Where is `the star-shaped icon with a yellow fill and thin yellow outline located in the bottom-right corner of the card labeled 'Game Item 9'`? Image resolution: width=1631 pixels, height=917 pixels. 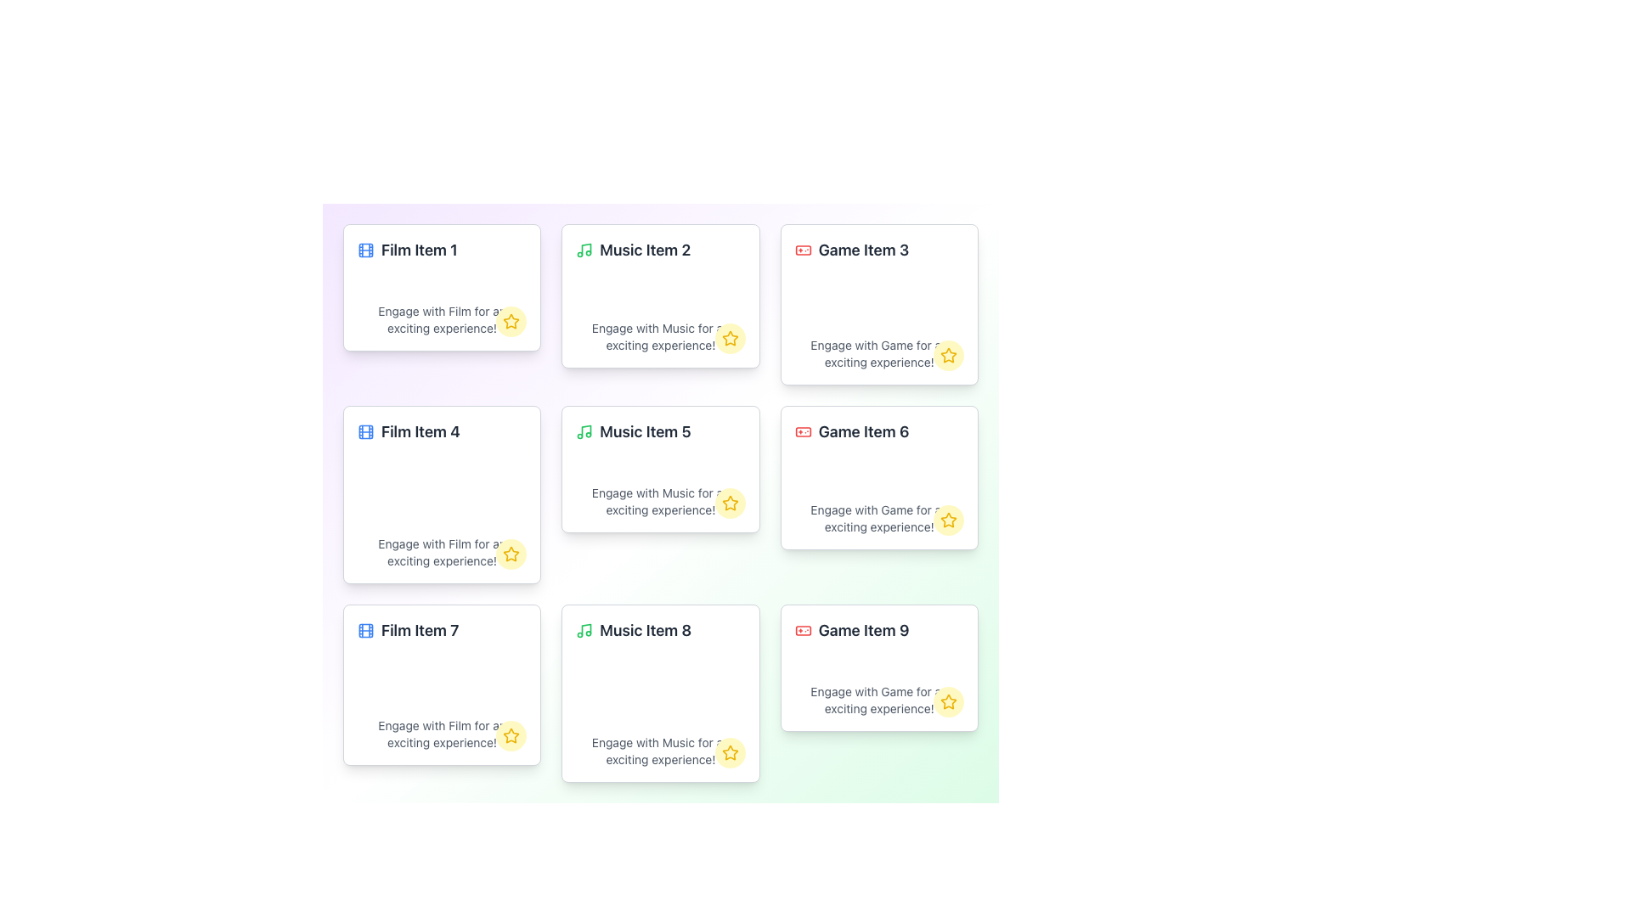
the star-shaped icon with a yellow fill and thin yellow outline located in the bottom-right corner of the card labeled 'Game Item 9' is located at coordinates (948, 701).